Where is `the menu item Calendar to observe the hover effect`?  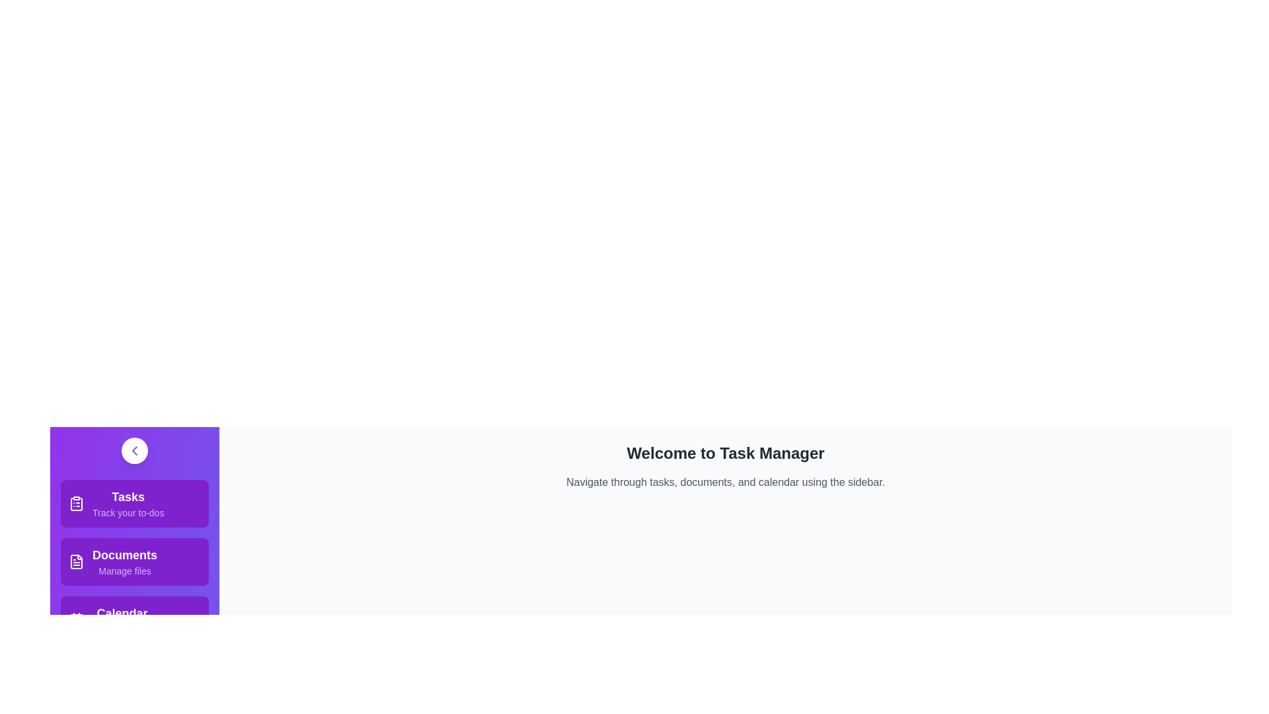
the menu item Calendar to observe the hover effect is located at coordinates (134, 619).